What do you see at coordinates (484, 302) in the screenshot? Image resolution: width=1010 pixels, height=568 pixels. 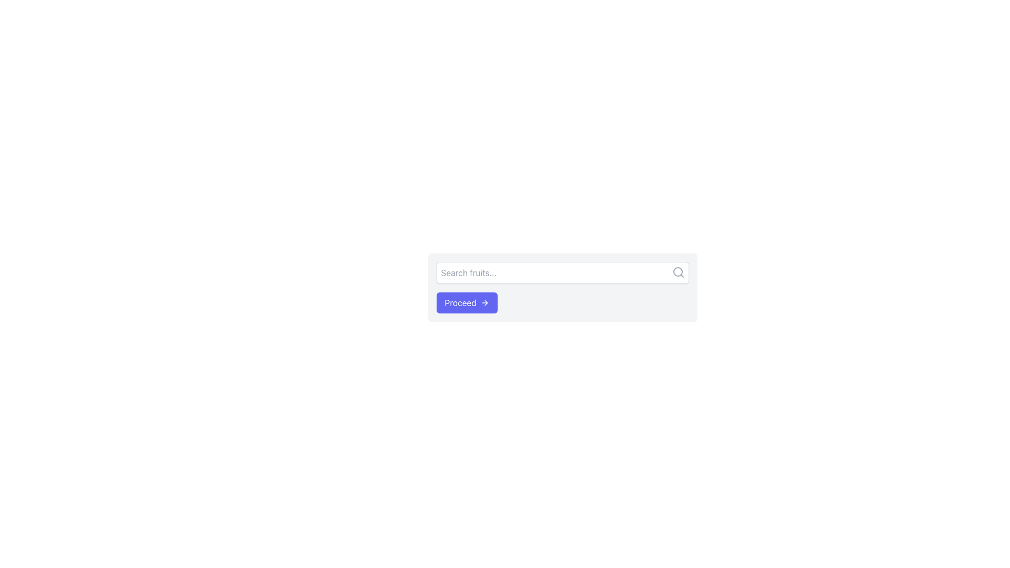 I see `the right-facing arrow icon with a purple background, which is part of the 'Proceed' button located below the search bar` at bounding box center [484, 302].